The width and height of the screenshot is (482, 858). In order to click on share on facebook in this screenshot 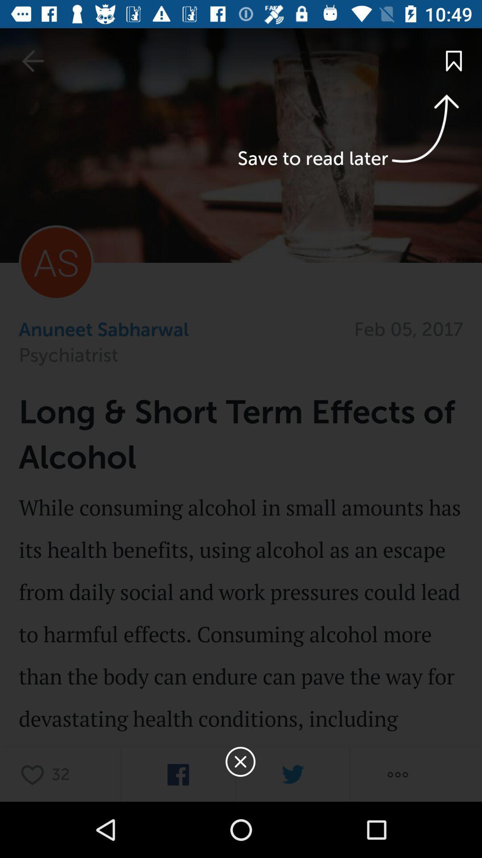, I will do `click(178, 774)`.